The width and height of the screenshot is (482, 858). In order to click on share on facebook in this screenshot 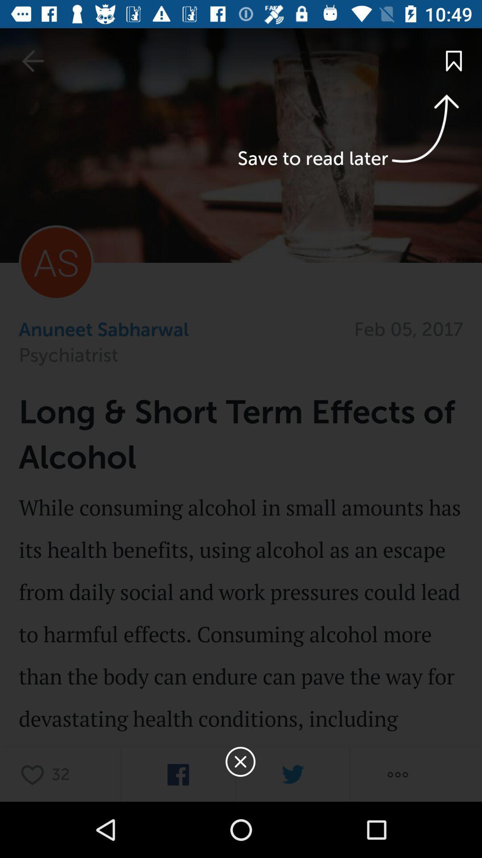, I will do `click(178, 774)`.